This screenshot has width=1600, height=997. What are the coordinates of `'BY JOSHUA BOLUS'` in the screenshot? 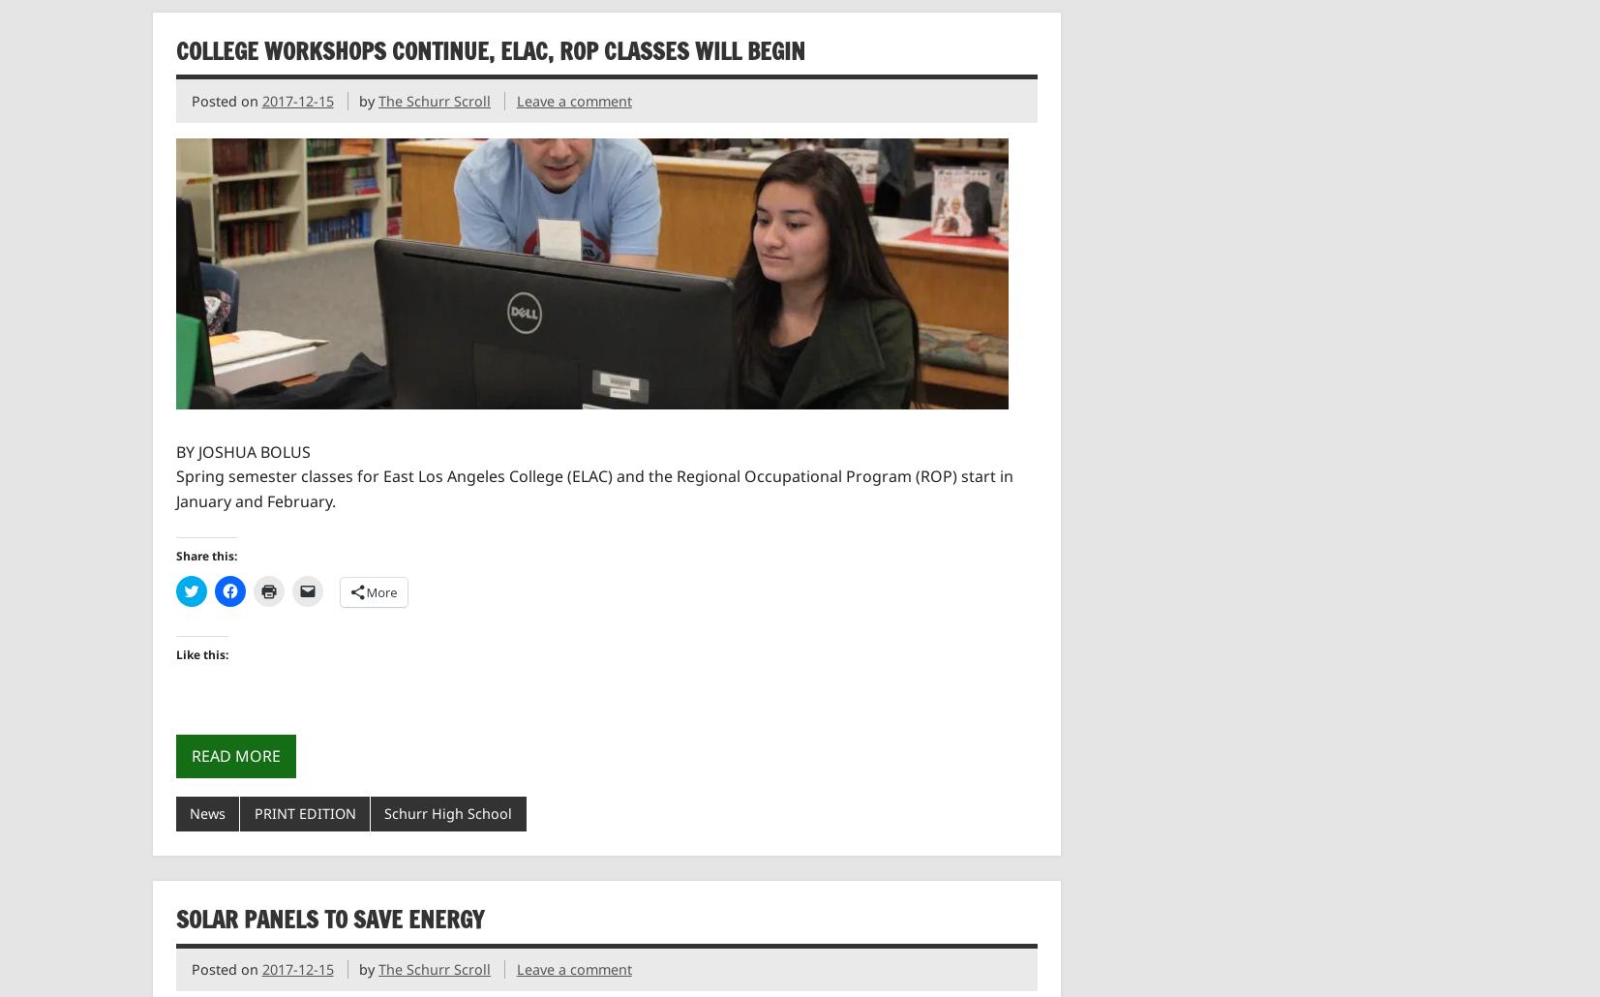 It's located at (241, 449).